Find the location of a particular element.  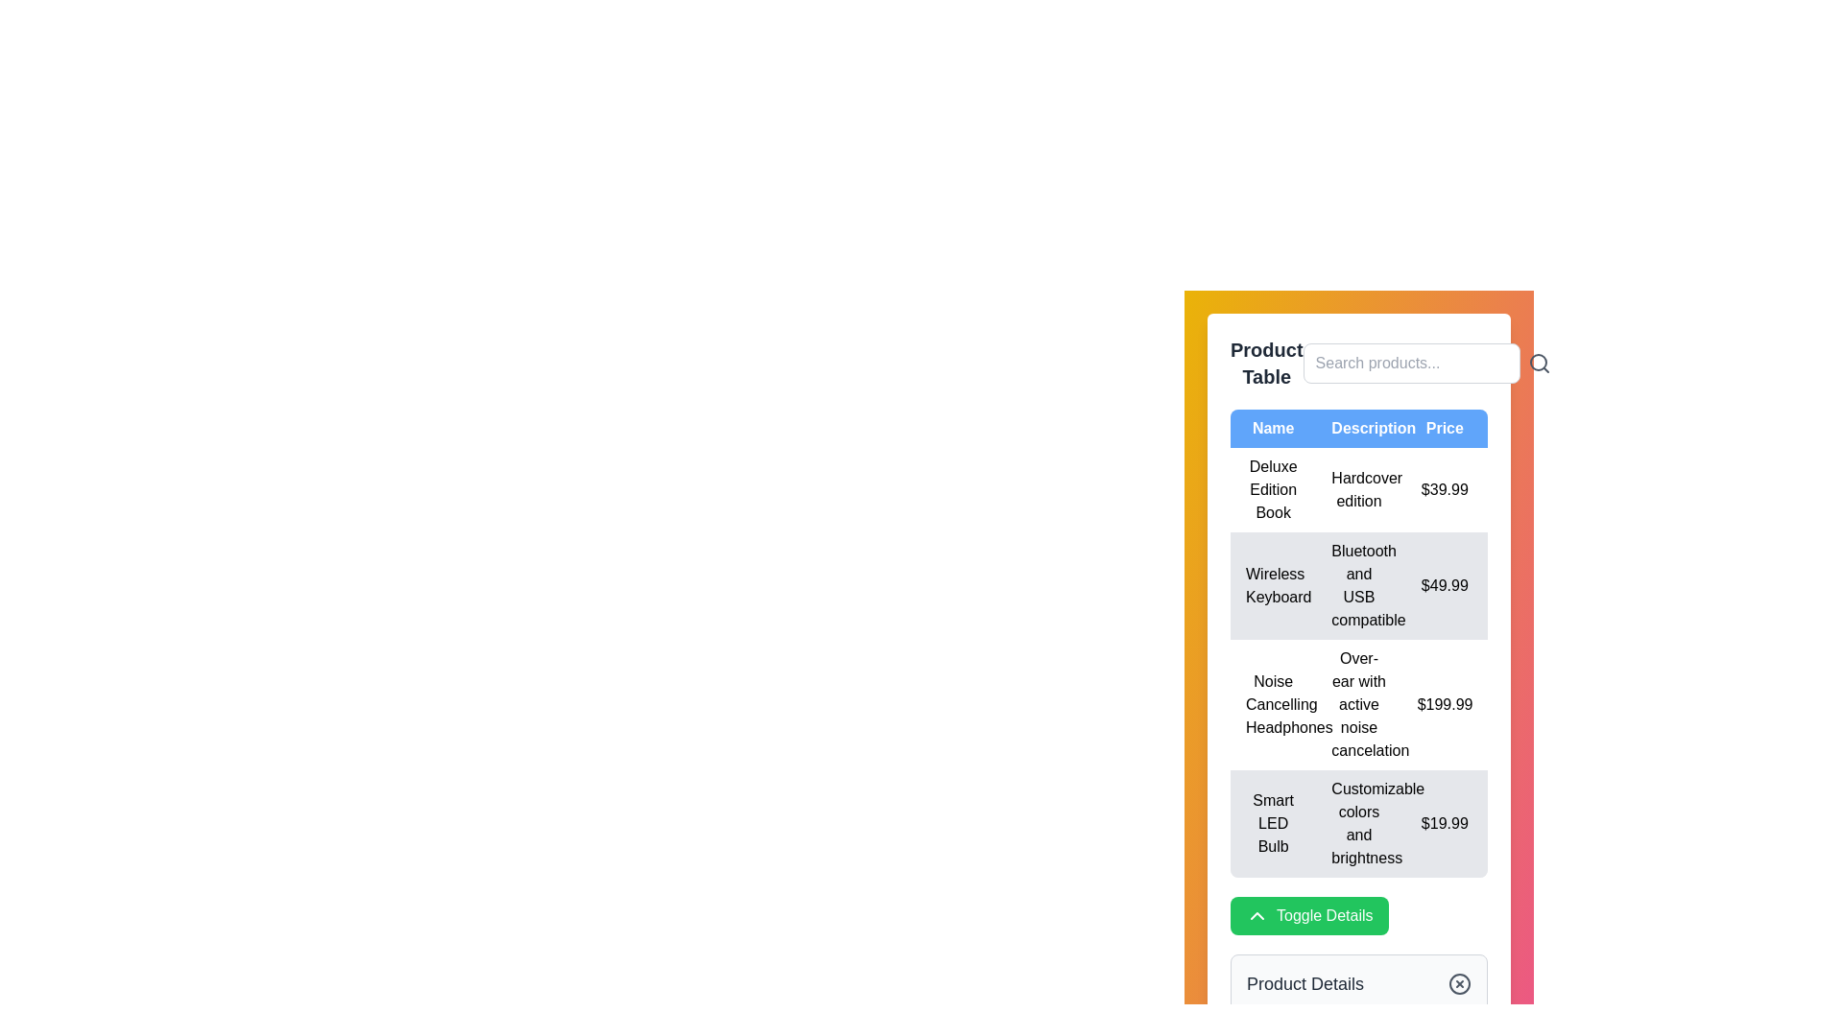

label that displays 'Product Table' in bold and enlarged dark gray font, located at the top-left area above the search bar is located at coordinates (1266, 363).